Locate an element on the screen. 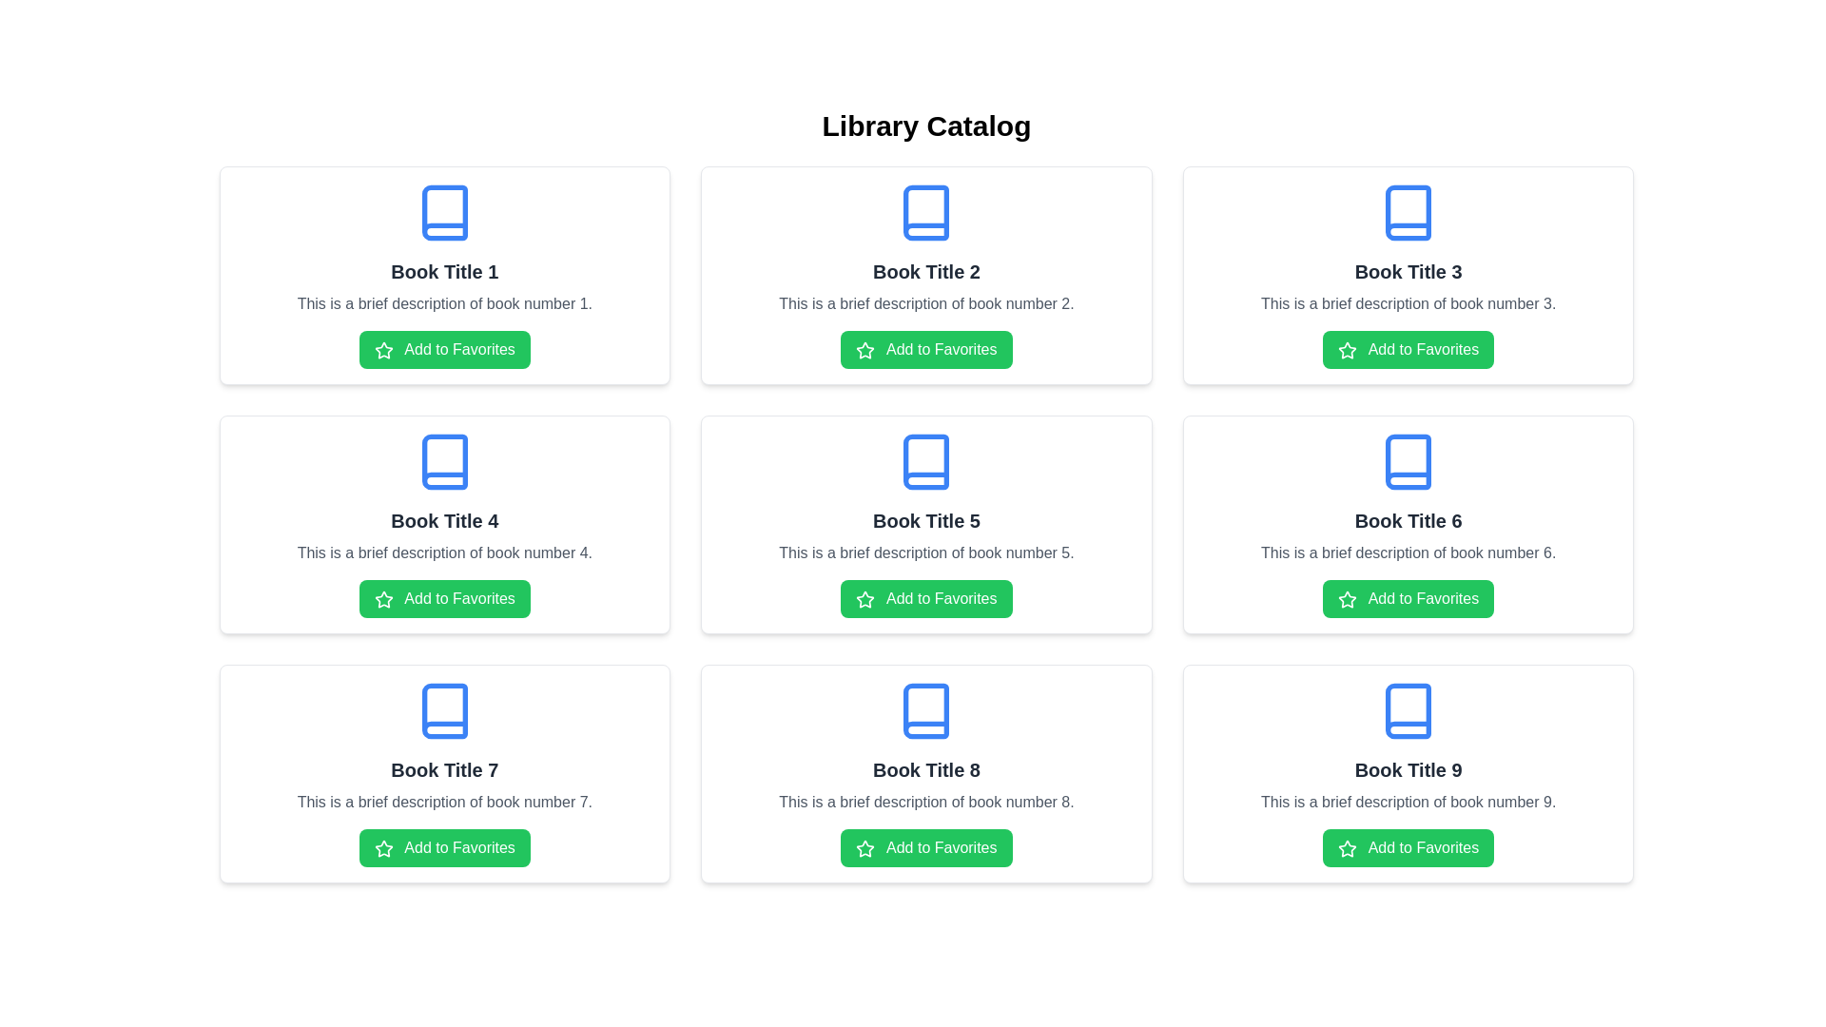  the star-shaped icon with a green fill and white outlines, located to the left of the 'Add to Favorites' label in the button for 'Book Title 1' is located at coordinates (382, 350).